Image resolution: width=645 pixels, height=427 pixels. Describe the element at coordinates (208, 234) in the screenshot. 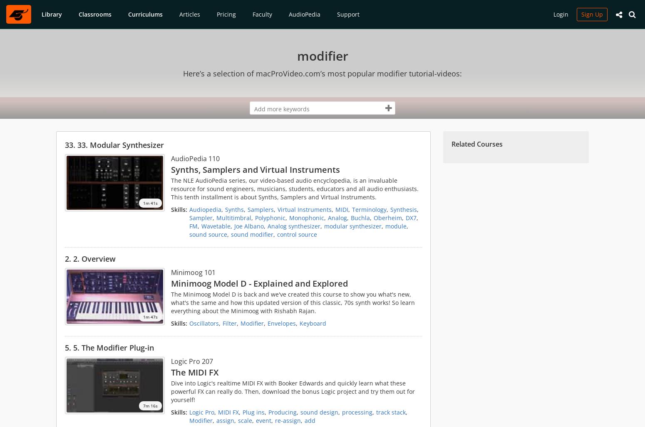

I see `'sound source'` at that location.